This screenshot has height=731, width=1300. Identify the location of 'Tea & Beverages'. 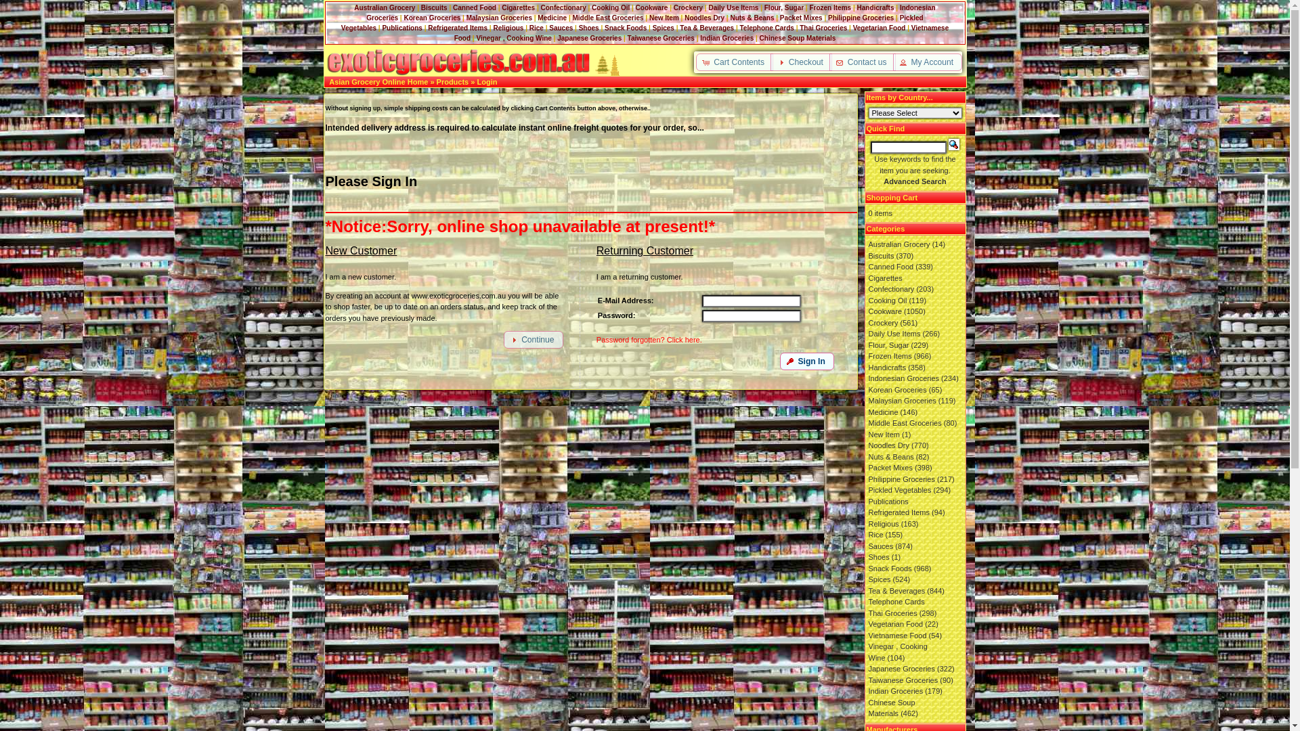
(706, 28).